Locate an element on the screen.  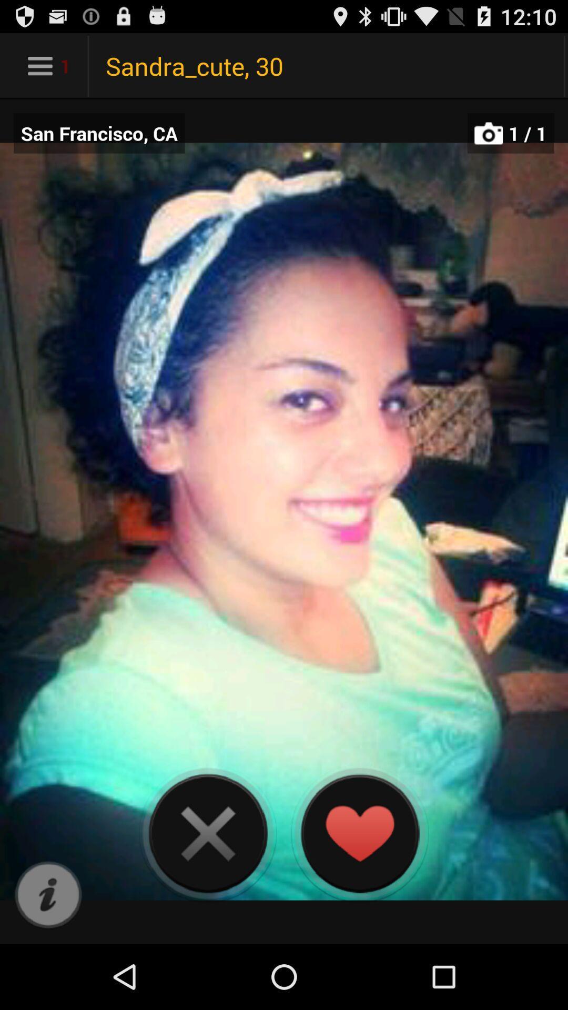
information icon is located at coordinates (48, 895).